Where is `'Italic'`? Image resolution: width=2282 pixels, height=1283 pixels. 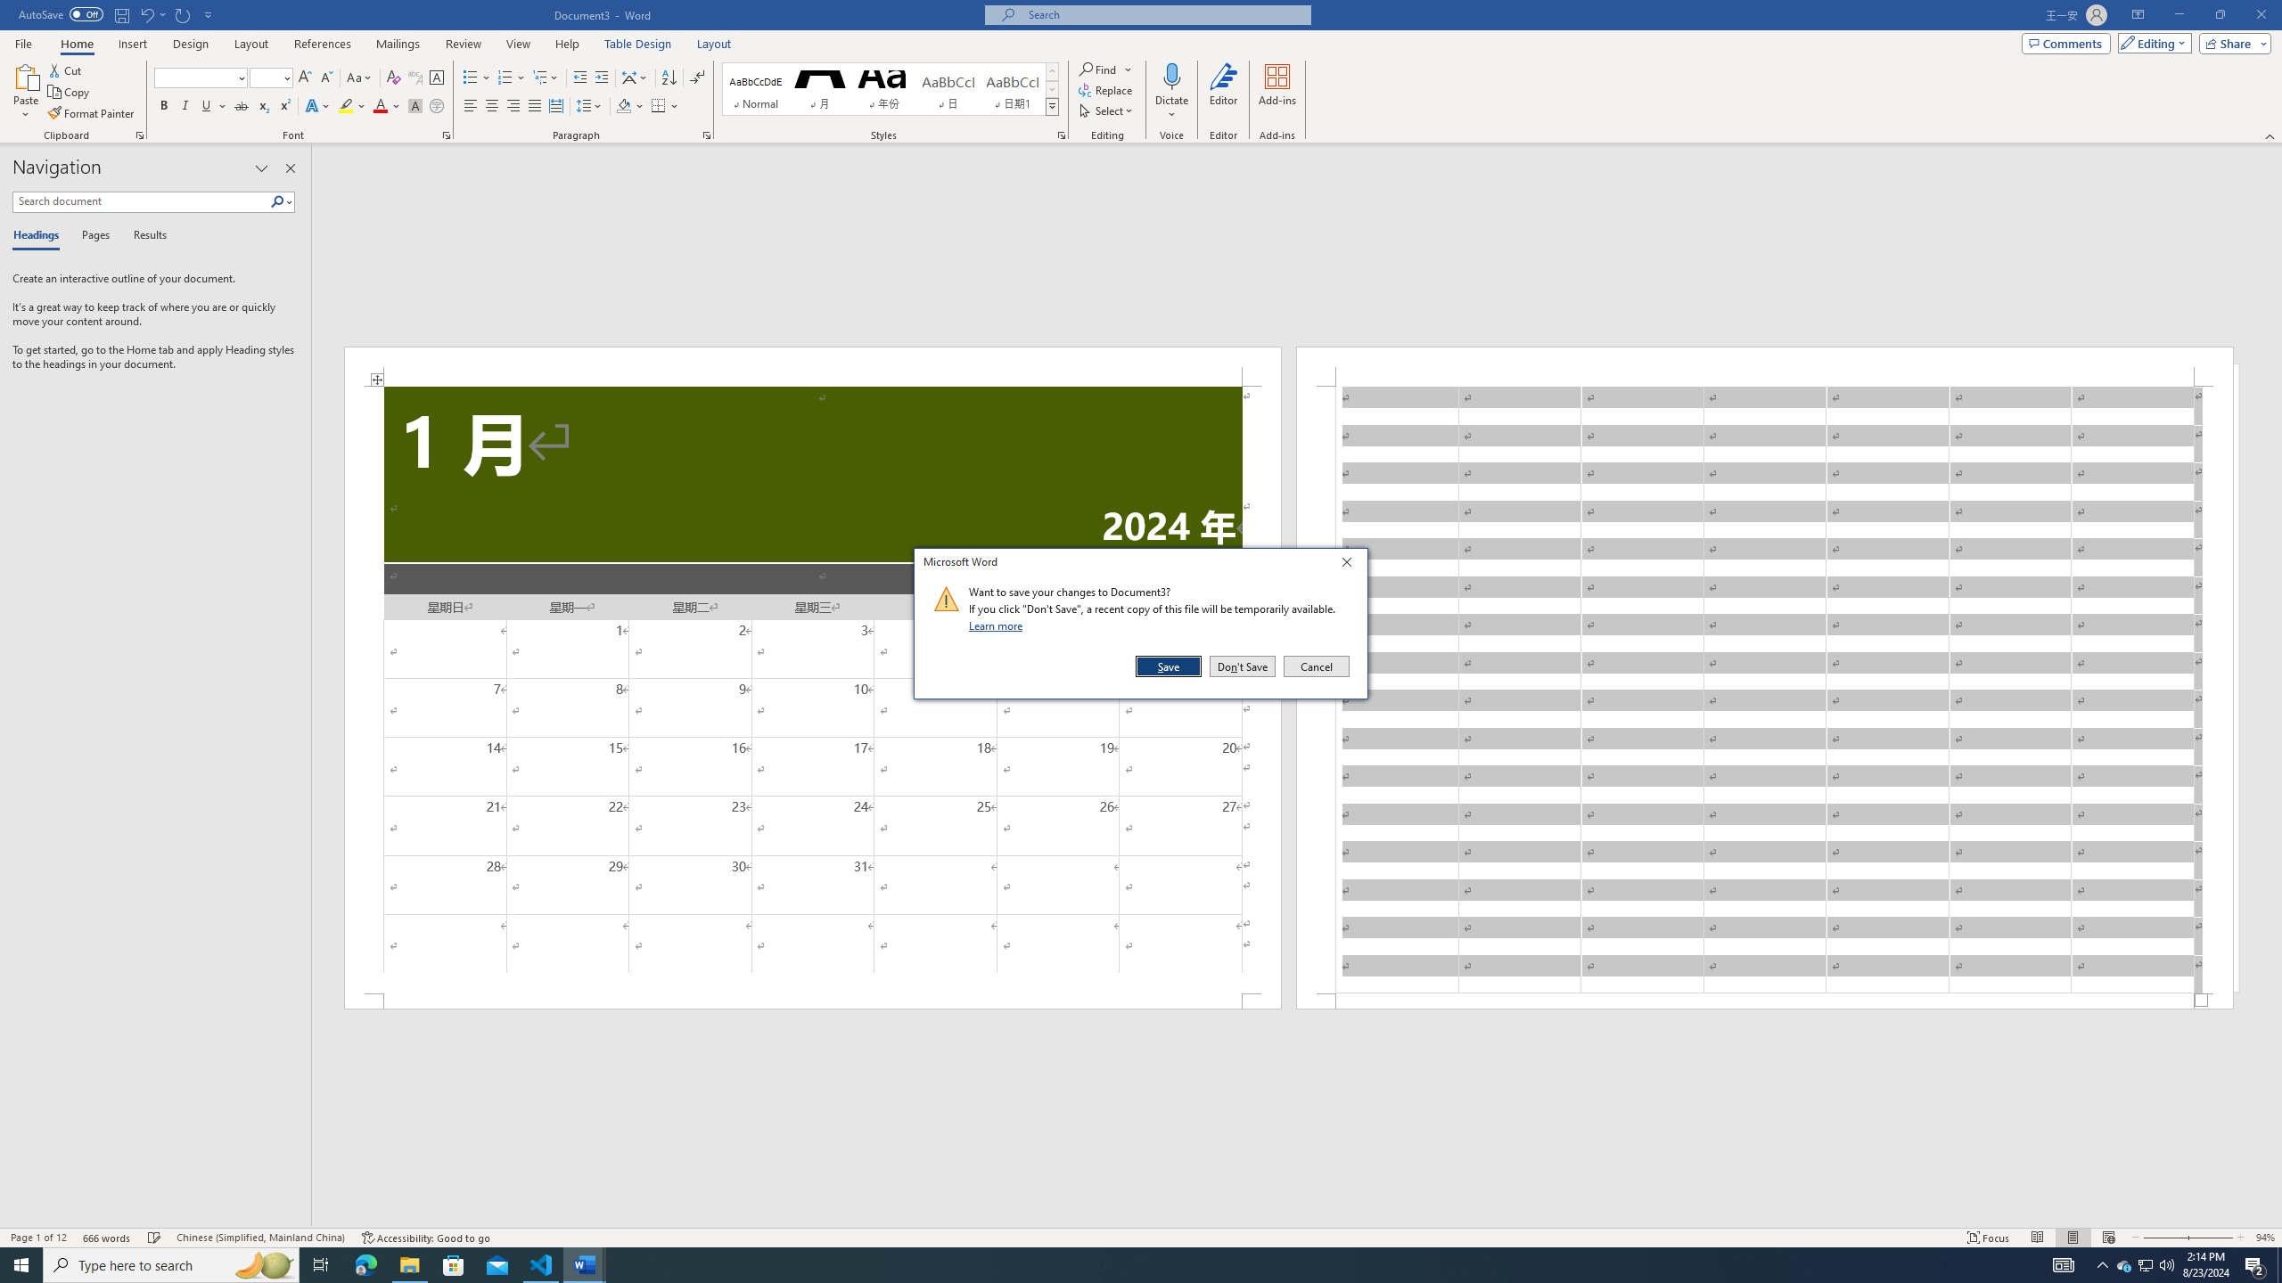 'Italic' is located at coordinates (185, 105).